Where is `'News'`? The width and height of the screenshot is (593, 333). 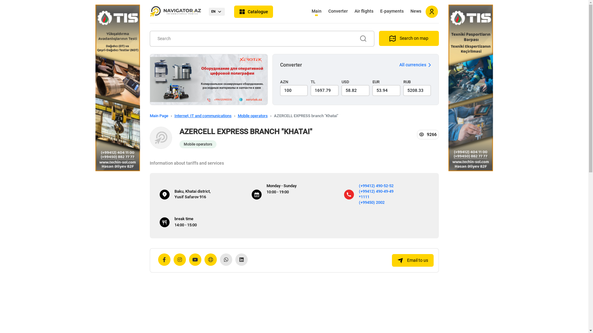 'News' is located at coordinates (408, 12).